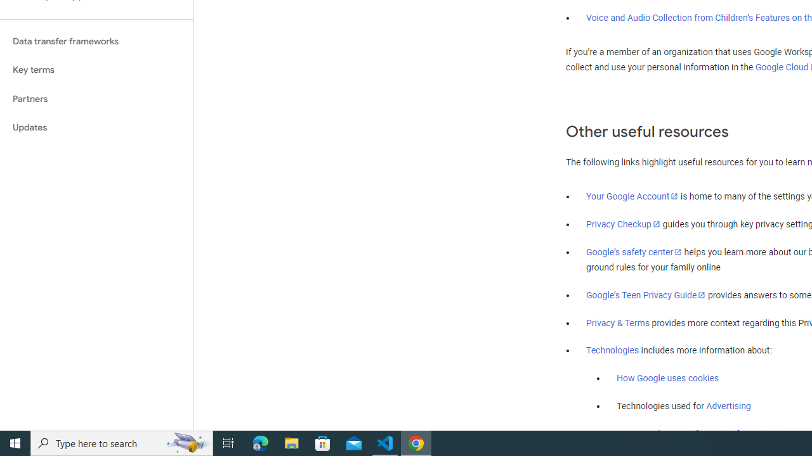 The width and height of the screenshot is (812, 456). I want to click on 'How Google uses cookies', so click(667, 377).